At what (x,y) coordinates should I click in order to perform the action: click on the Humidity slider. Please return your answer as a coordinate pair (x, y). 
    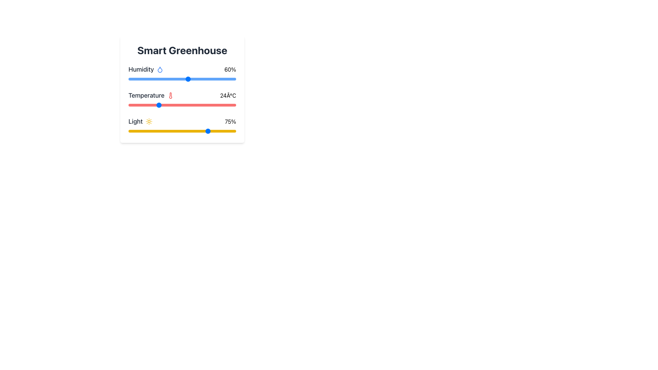
    Looking at the image, I should click on (230, 79).